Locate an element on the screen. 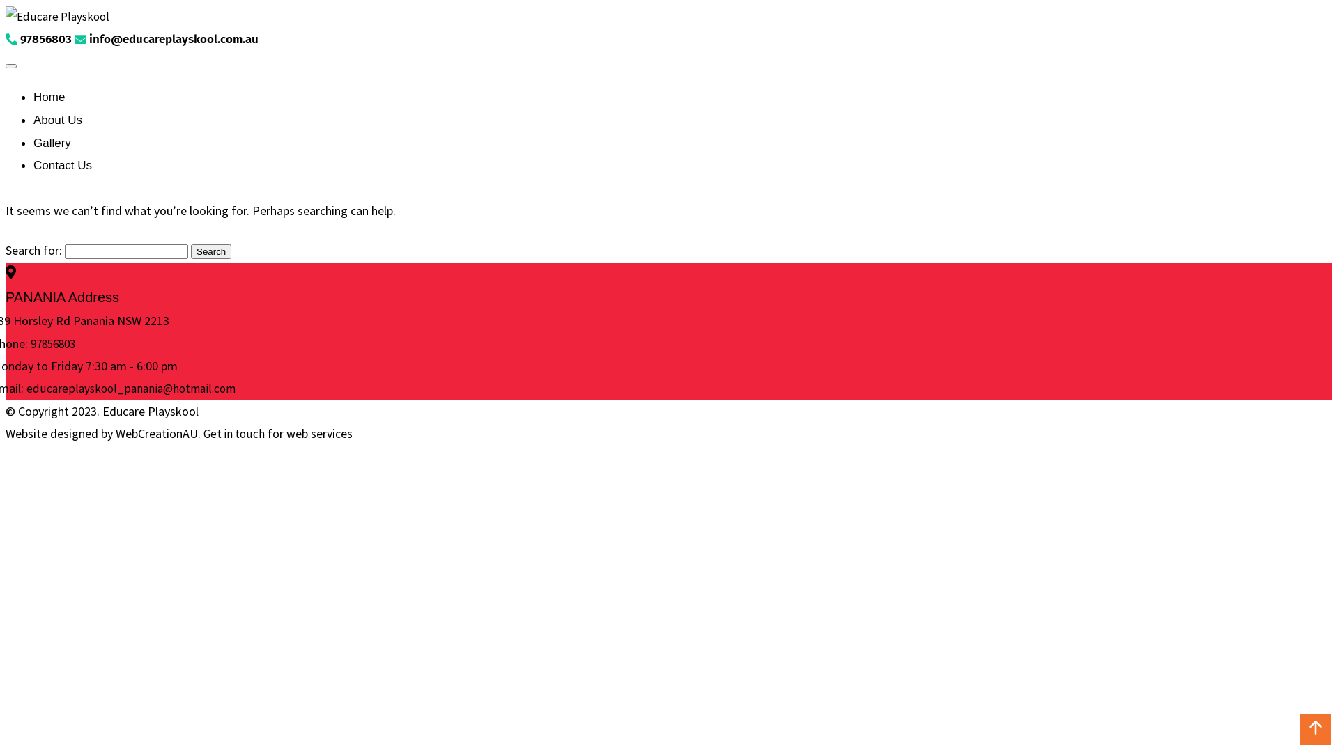 Image resolution: width=1338 pixels, height=752 pixels. 'Search' is located at coordinates (210, 251).